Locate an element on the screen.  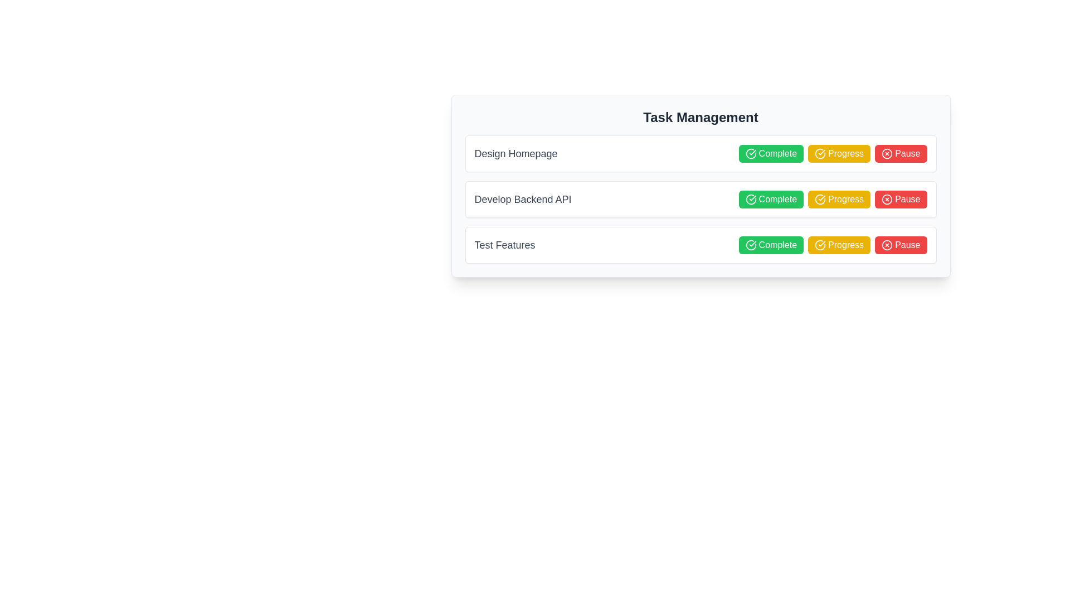
the circular green icon with a white checkmark, part of the 'Complete' button for the second task titled 'Develop Backend API', for further interaction is located at coordinates (751, 199).